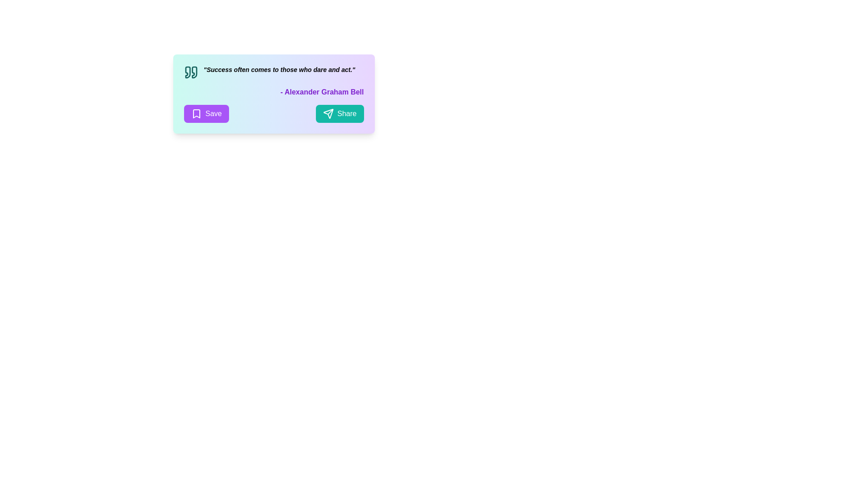 The image size is (864, 486). I want to click on text content of the motivational quote displayed in the Text display block with decorative icon, which is the first item inside the card layout, so click(273, 72).